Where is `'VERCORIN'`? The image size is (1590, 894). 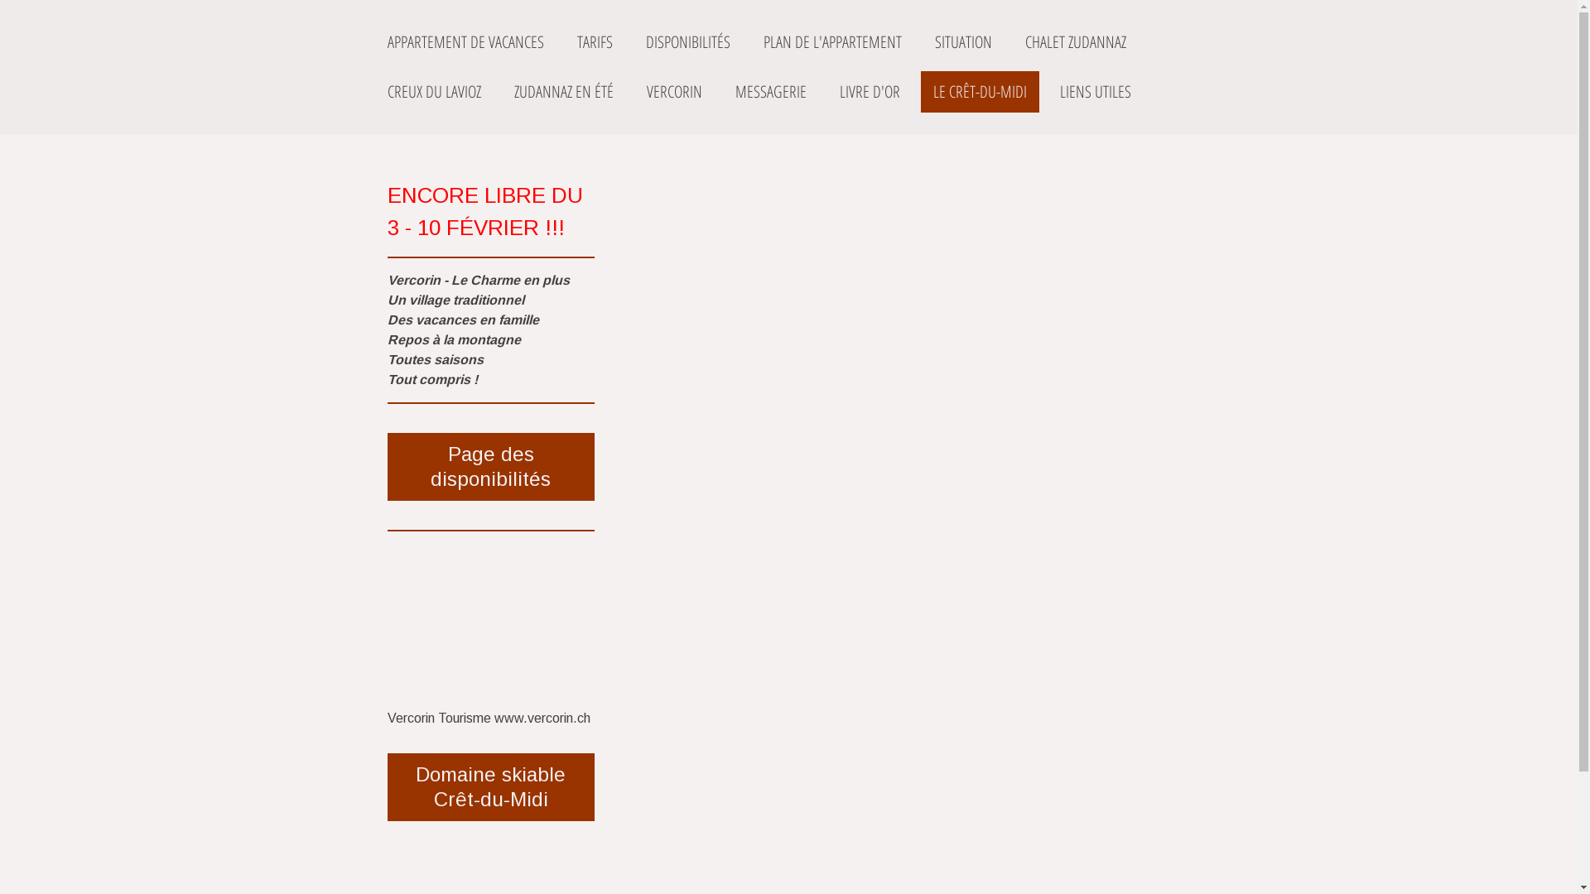
'VERCORIN' is located at coordinates (634, 92).